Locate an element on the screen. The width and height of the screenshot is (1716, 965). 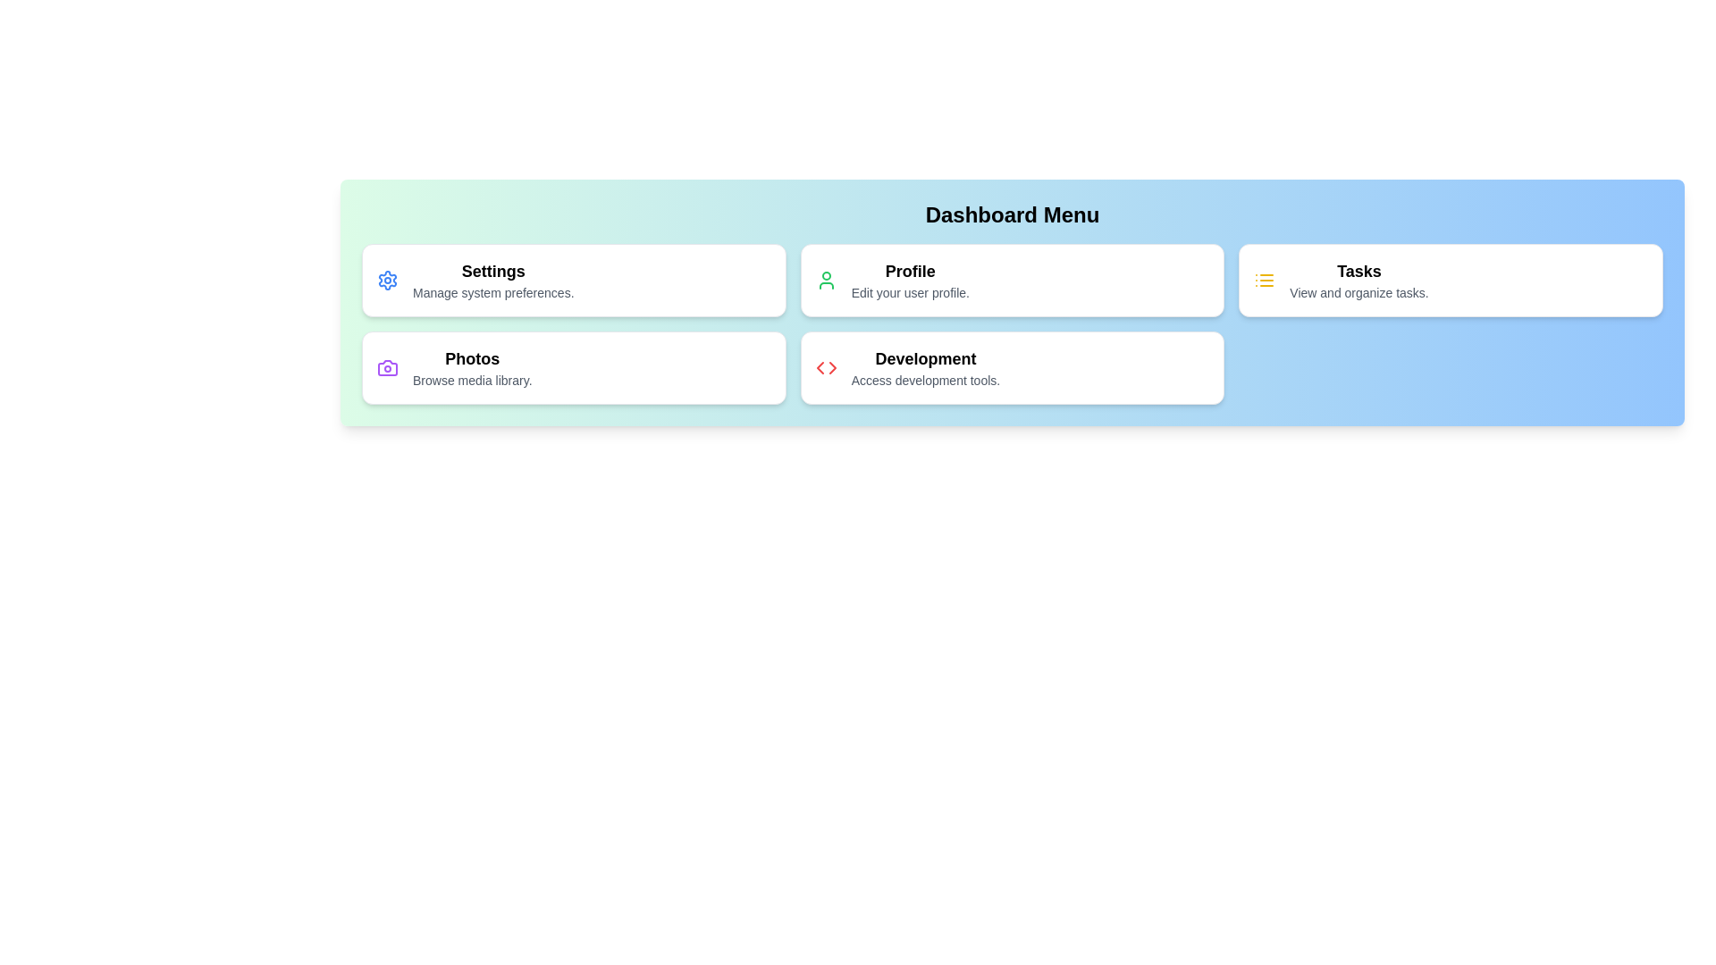
the menu item corresponding to Tasks is located at coordinates (1451, 280).